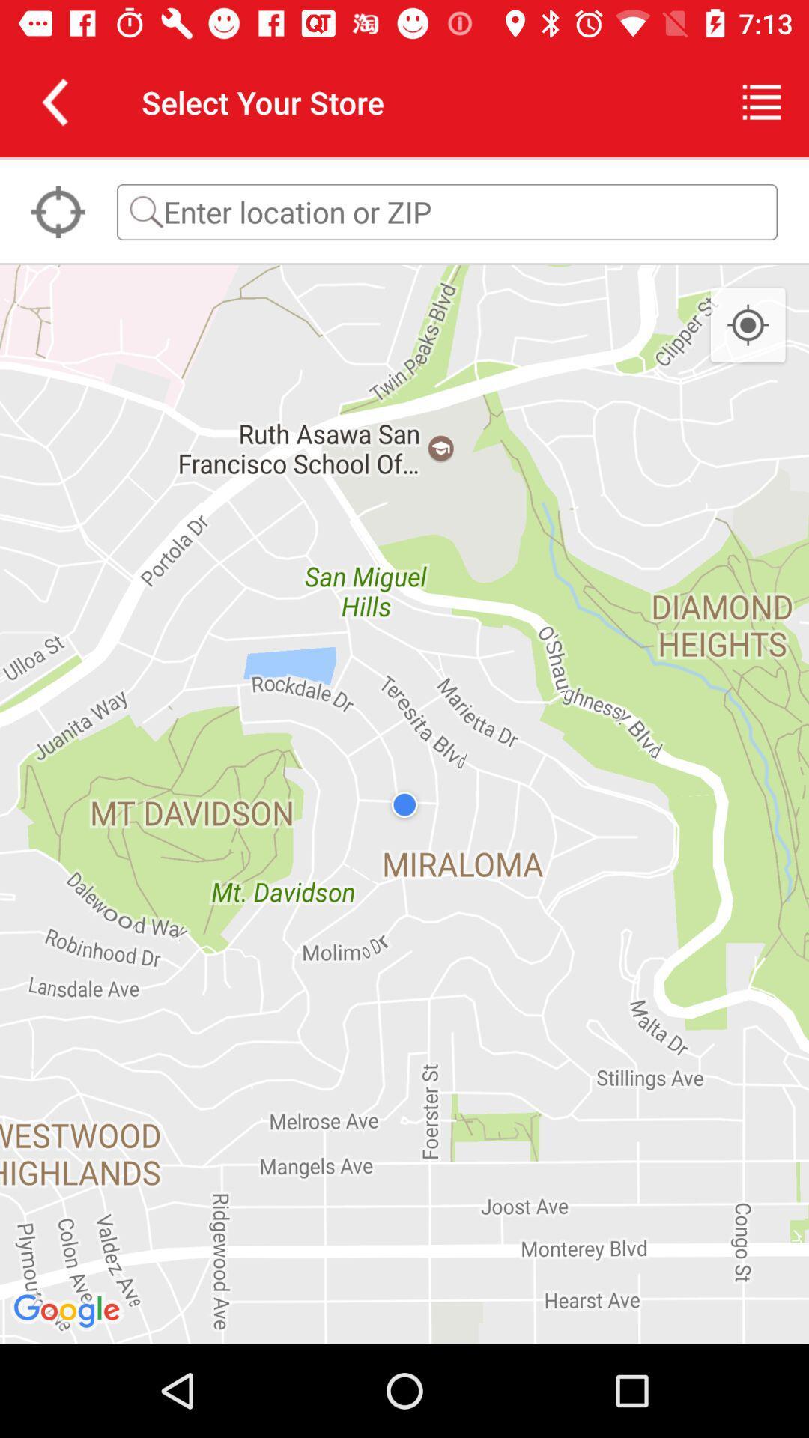 The image size is (809, 1438). I want to click on the item to the right of select your store item, so click(762, 101).